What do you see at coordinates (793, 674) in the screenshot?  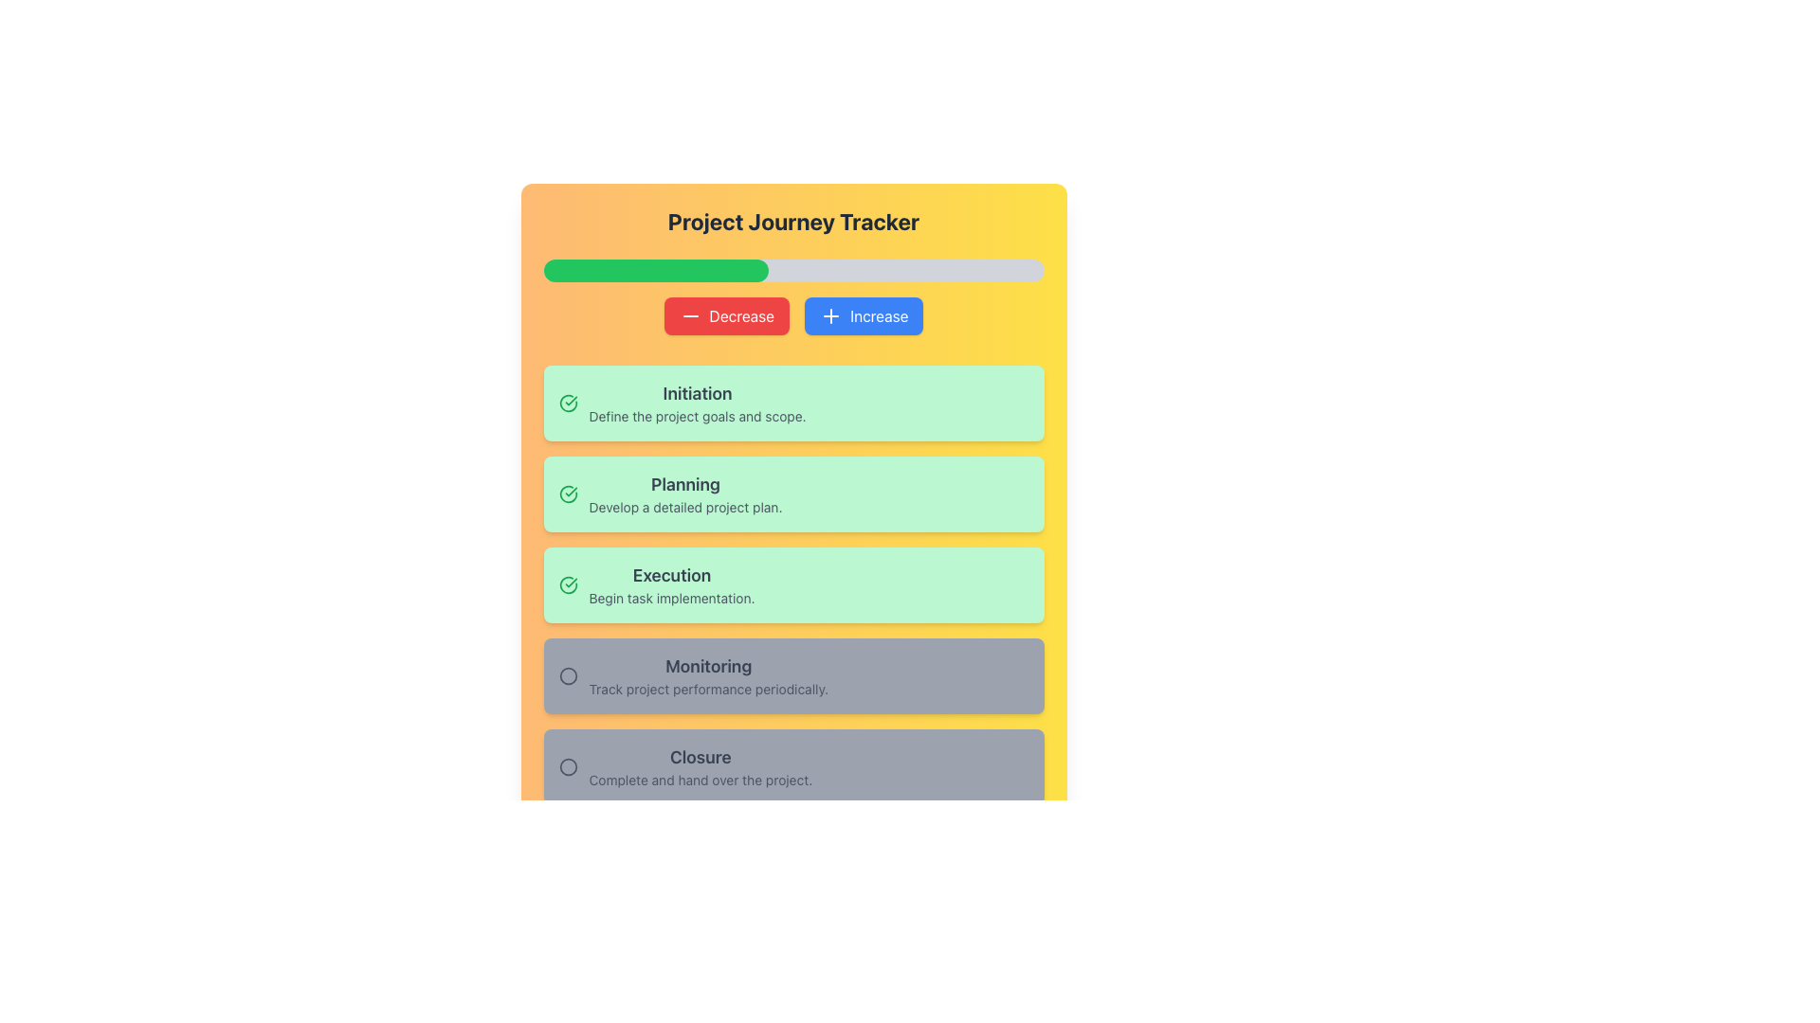 I see `the 'Monitoring' phase card, which is the fourth card in a vertical sequence, located between the 'Execution' and 'Closure' cards` at bounding box center [793, 674].